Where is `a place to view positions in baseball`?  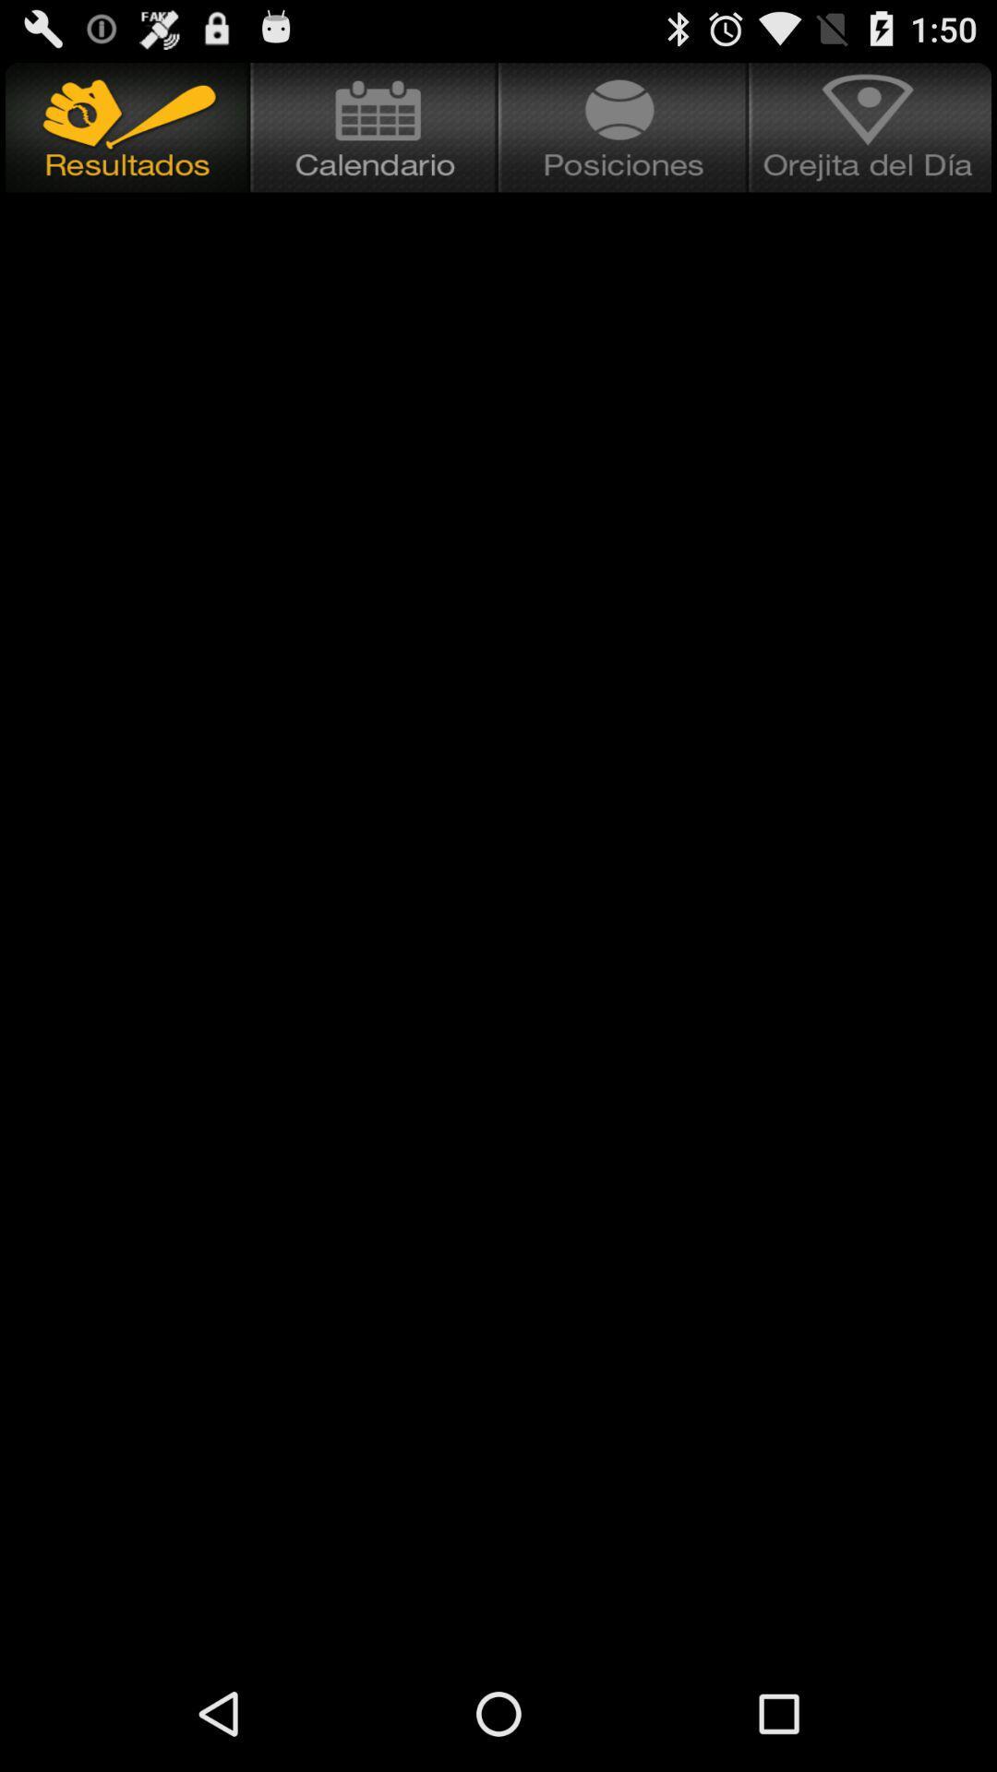 a place to view positions in baseball is located at coordinates (623, 126).